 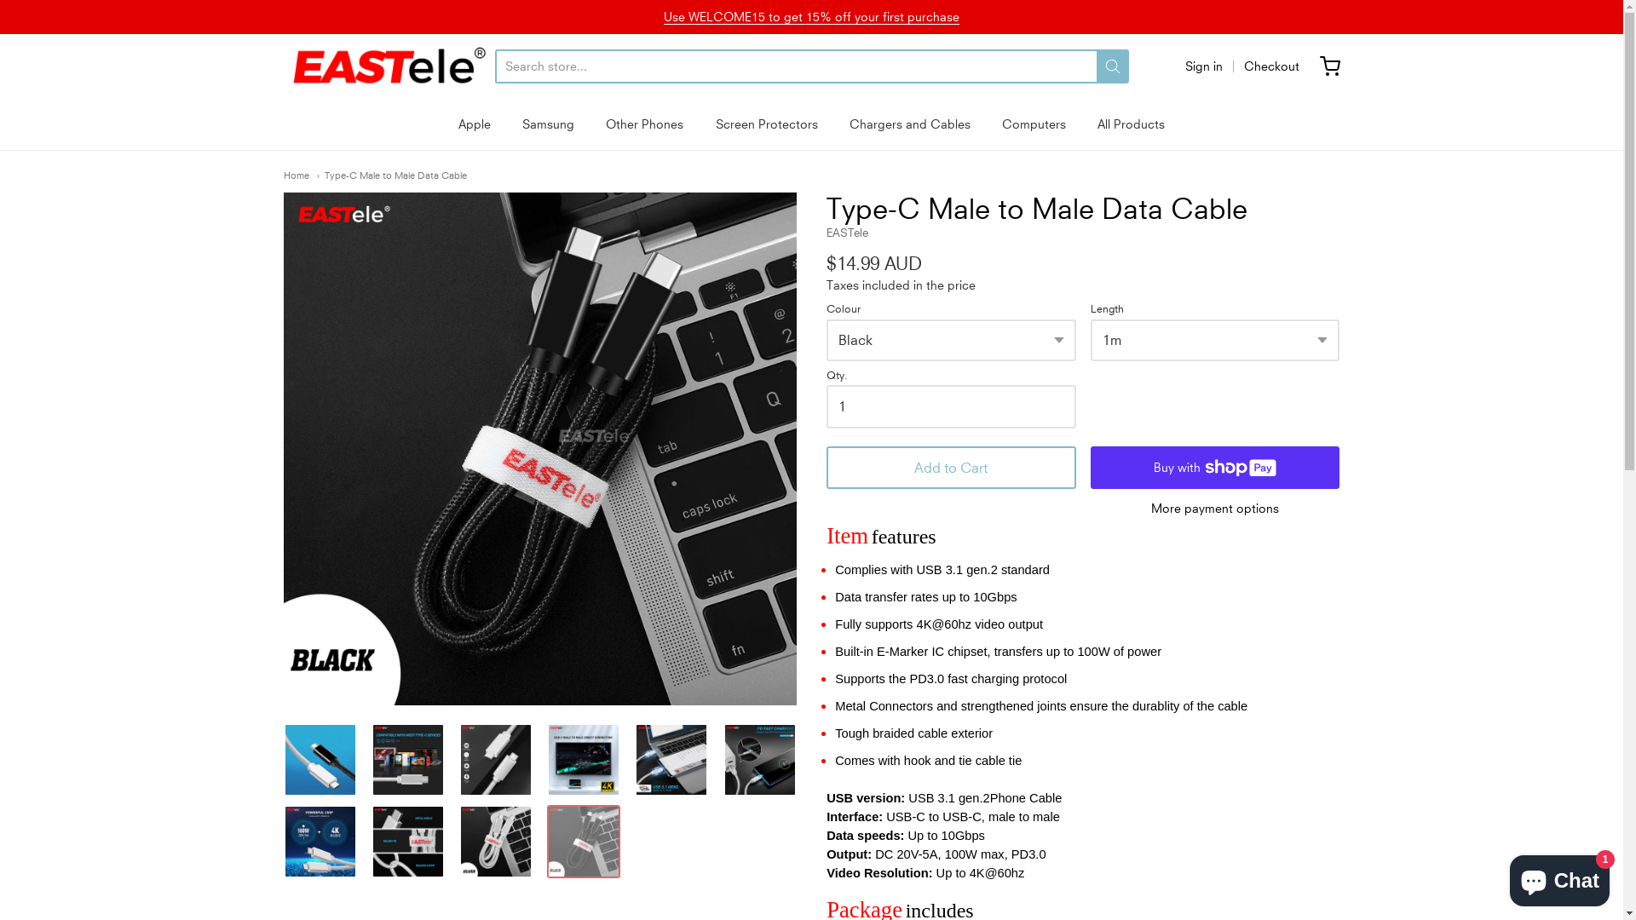 What do you see at coordinates (295, 175) in the screenshot?
I see `'Home'` at bounding box center [295, 175].